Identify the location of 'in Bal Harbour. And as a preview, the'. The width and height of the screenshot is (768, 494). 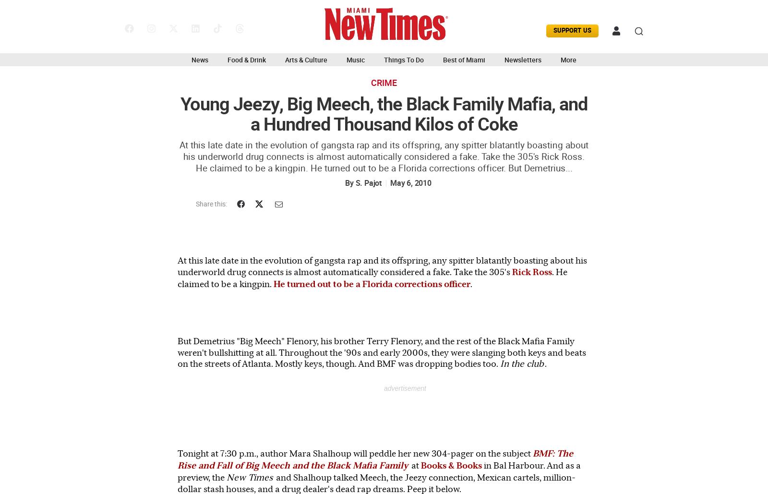
(379, 470).